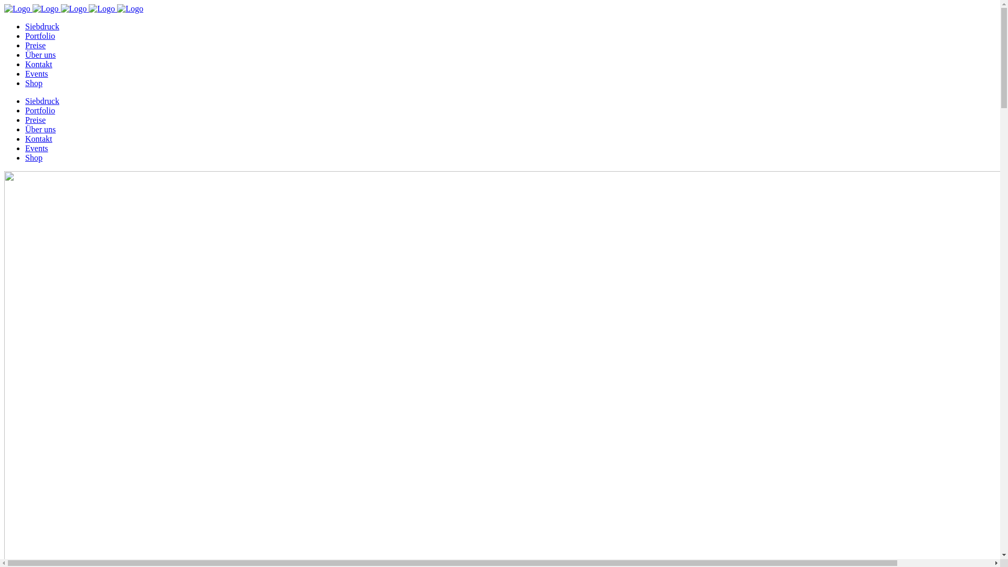 The width and height of the screenshot is (1008, 567). What do you see at coordinates (35, 45) in the screenshot?
I see `'Preise'` at bounding box center [35, 45].